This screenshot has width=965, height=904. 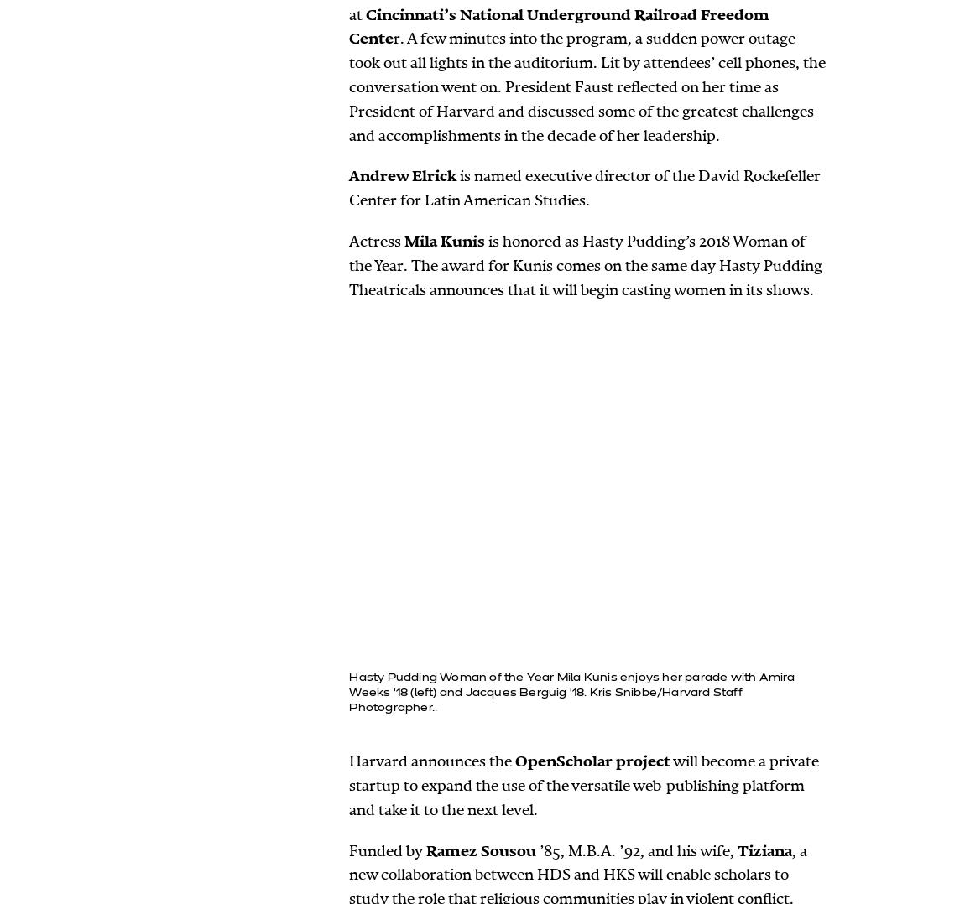 What do you see at coordinates (387, 849) in the screenshot?
I see `'Funded by'` at bounding box center [387, 849].